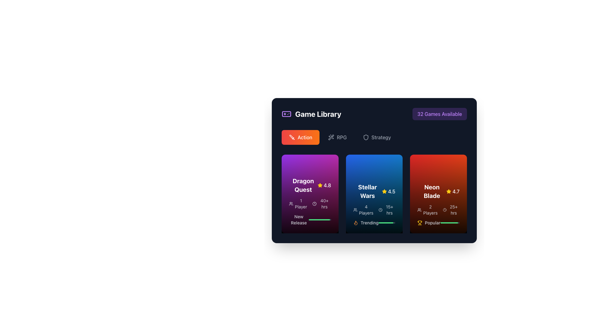  I want to click on the progress bar located at the bottom of the 'Stellar Wars' card, below the 'Trending' text and adjacent to the flame icon, so click(387, 223).